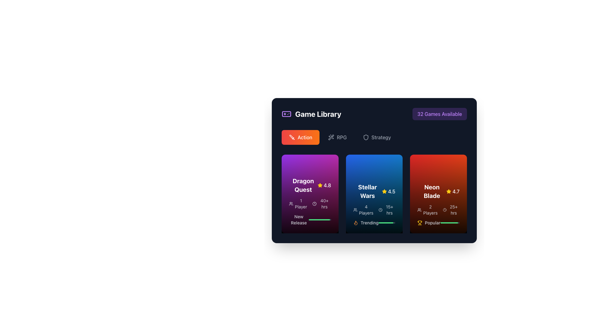  I want to click on the progress bar located at the bottom of the 'Stellar Wars' card, below the 'Trending' text and adjacent to the flame icon, so click(387, 223).